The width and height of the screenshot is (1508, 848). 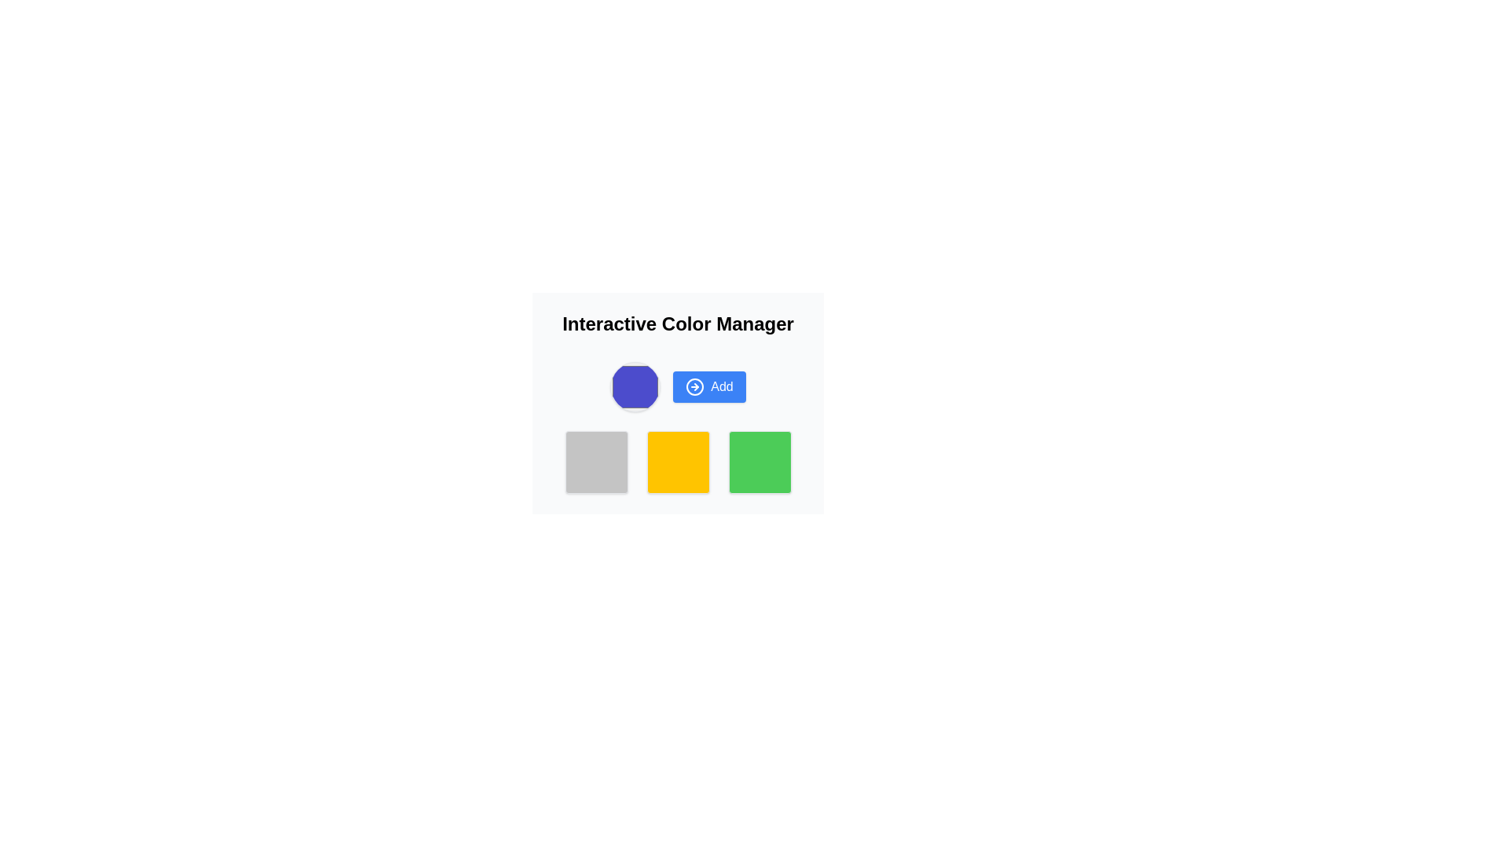 I want to click on the decorative SVG circle element that is part of a right-pointing arrow icon, located within a button on the right side of the interface, next to a blue octagon-shaped button, so click(x=694, y=387).